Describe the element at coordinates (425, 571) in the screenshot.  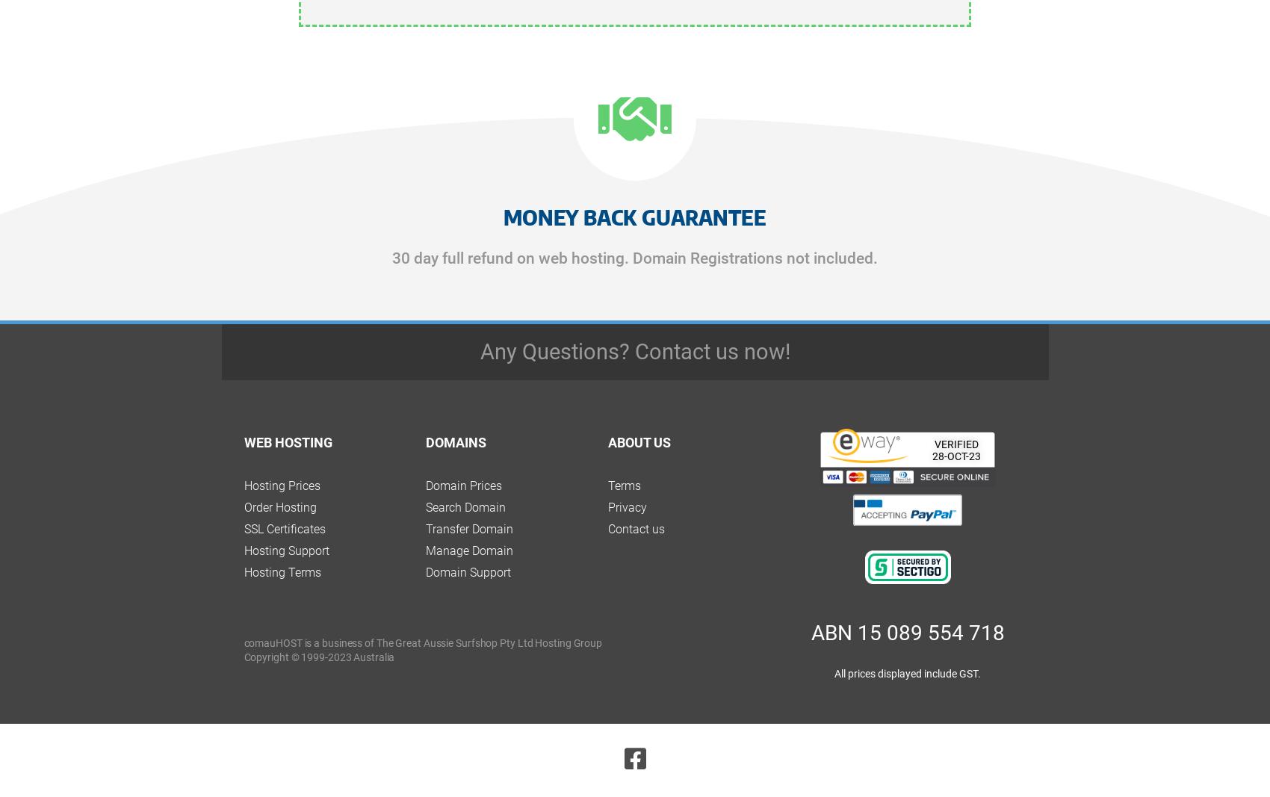
I see `'Domain Support'` at that location.